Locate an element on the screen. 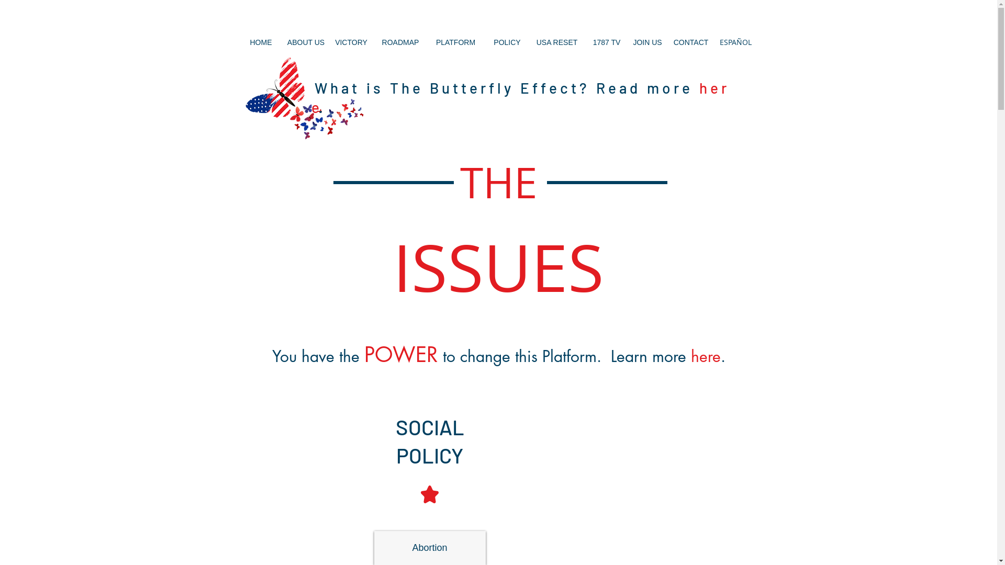  'JOIN US' is located at coordinates (646, 41).